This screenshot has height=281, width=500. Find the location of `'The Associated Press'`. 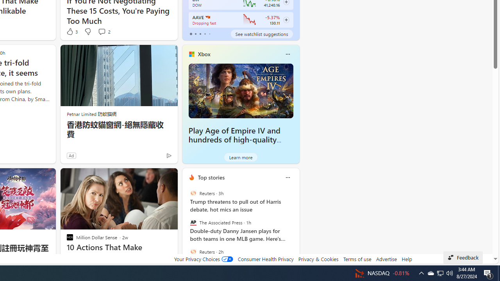

'The Associated Press' is located at coordinates (193, 222).